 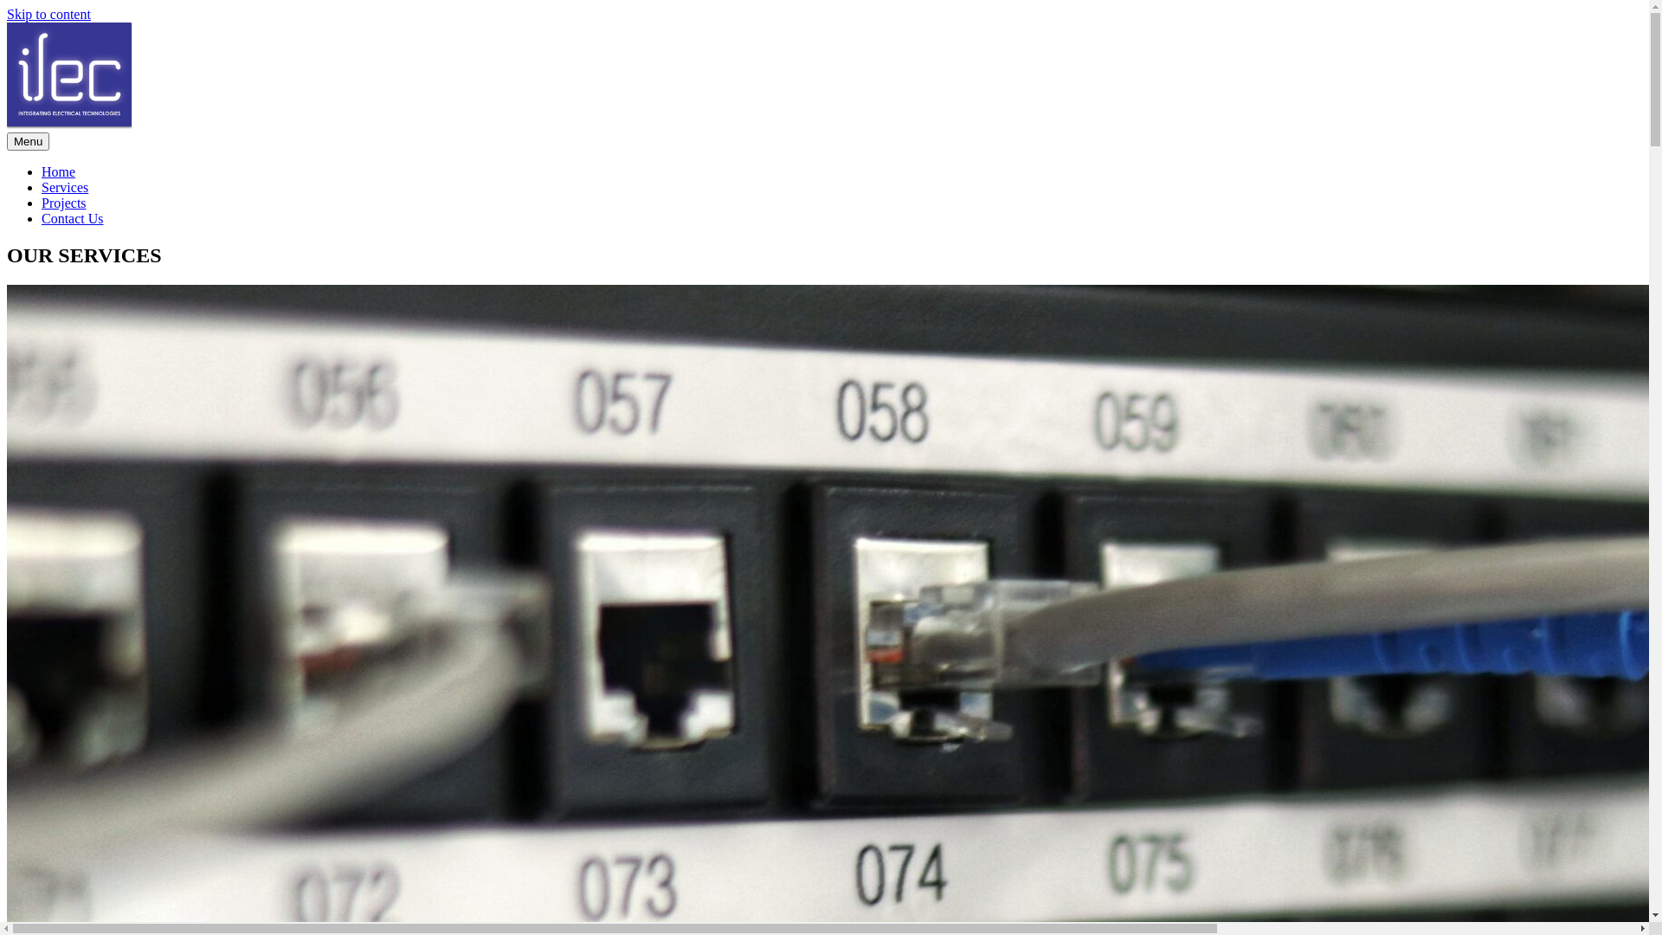 I want to click on 'Contact Us', so click(x=71, y=217).